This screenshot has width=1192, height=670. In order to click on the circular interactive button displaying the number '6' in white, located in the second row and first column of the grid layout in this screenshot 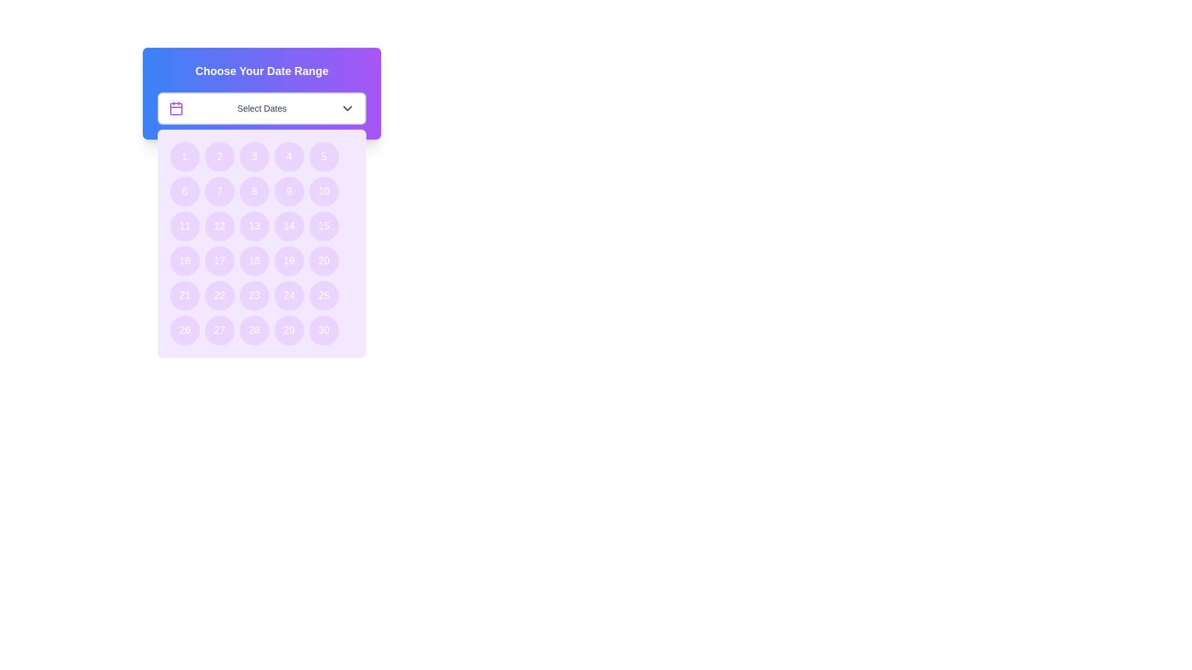, I will do `click(184, 191)`.